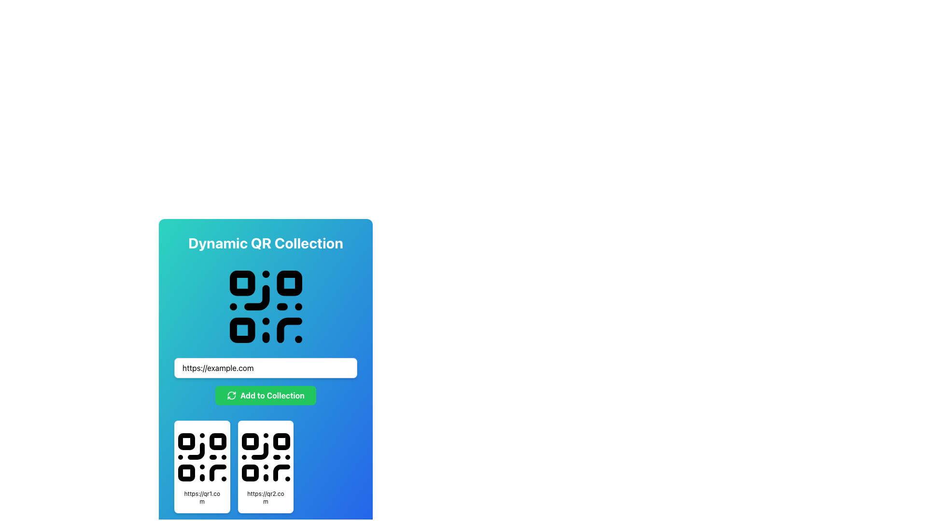 The image size is (927, 521). What do you see at coordinates (281, 441) in the screenshot?
I see `the second square from the left in the top row of the QR code grid, which is part of the Decorative graphical component in the 'Dynamic QR Collection' section` at bounding box center [281, 441].